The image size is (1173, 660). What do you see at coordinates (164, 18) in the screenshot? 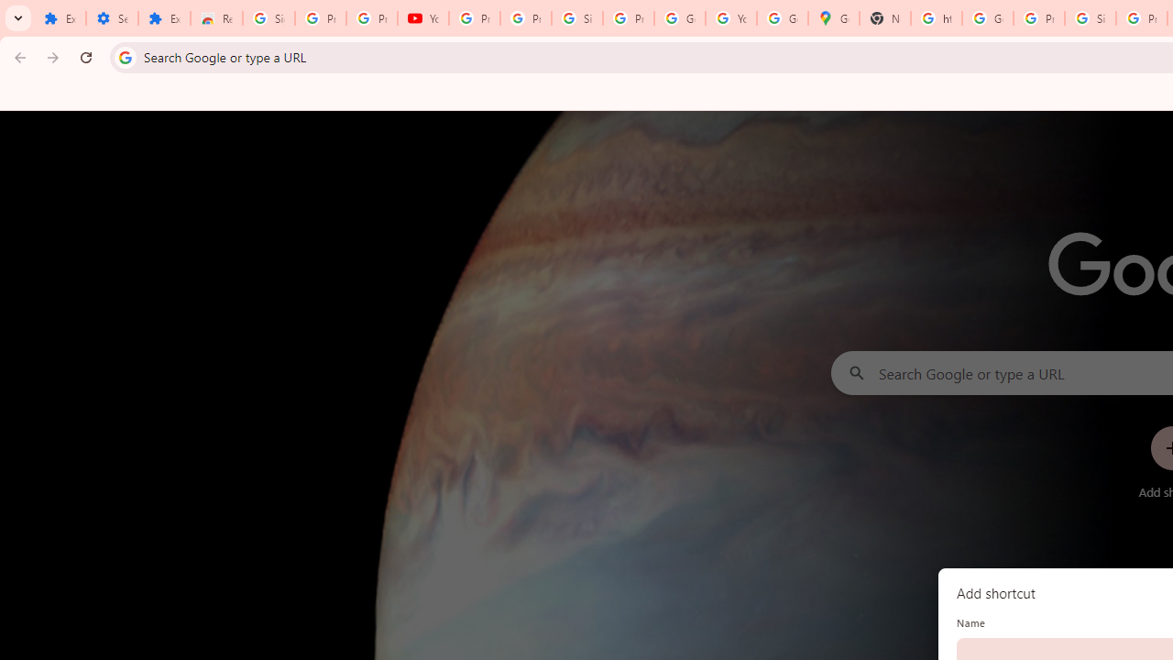
I see `'Extensions'` at bounding box center [164, 18].